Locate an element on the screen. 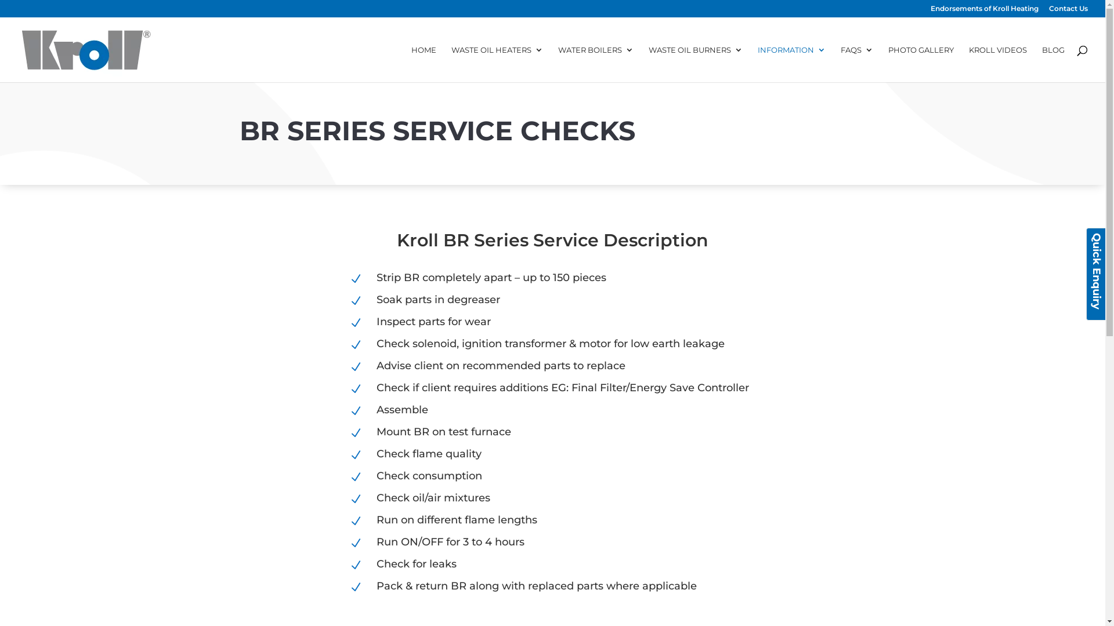 The width and height of the screenshot is (1114, 626). 'WATER BOILERS' is located at coordinates (596, 64).